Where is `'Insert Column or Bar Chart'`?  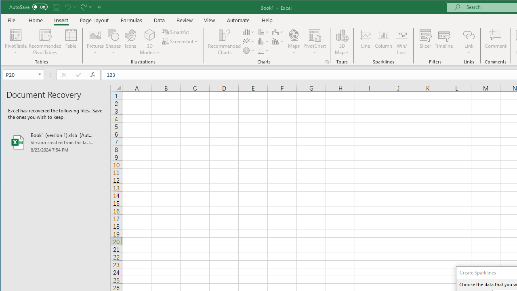 'Insert Column or Bar Chart' is located at coordinates (248, 32).